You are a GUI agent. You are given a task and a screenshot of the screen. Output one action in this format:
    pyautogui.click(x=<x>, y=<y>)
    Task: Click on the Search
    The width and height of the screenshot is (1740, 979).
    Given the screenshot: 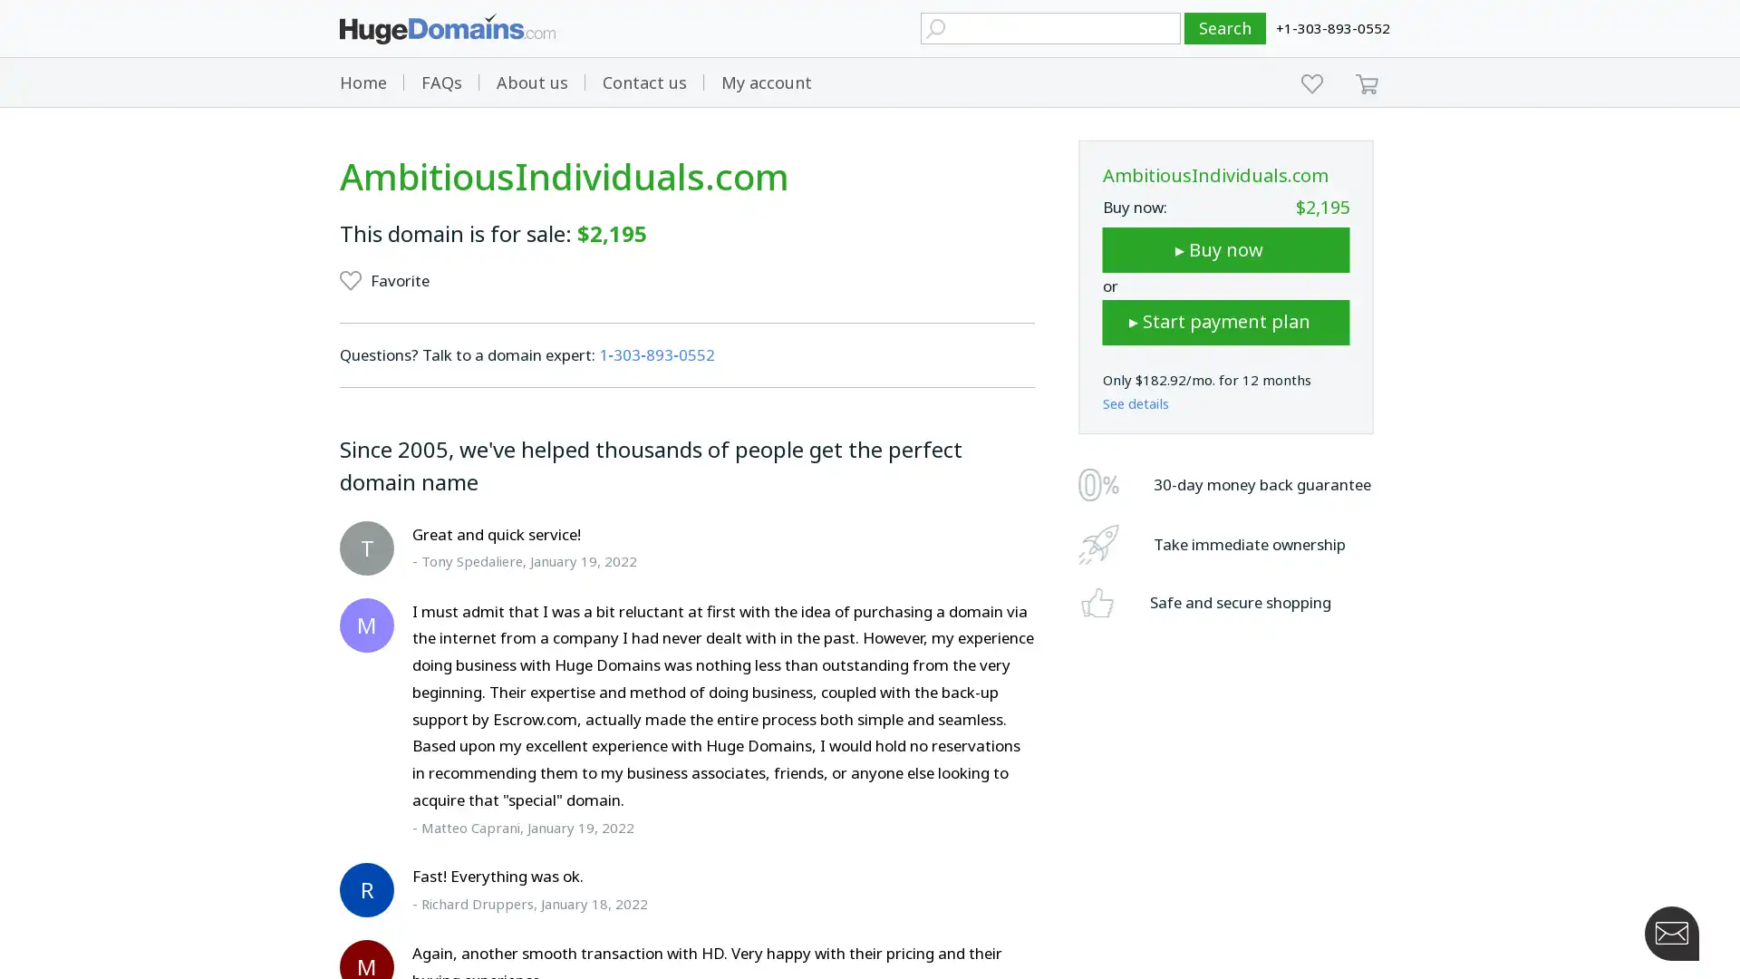 What is the action you would take?
    pyautogui.click(x=1225, y=28)
    